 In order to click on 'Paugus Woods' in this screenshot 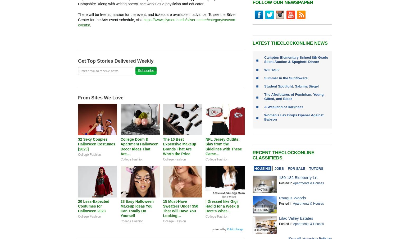, I will do `click(279, 198)`.